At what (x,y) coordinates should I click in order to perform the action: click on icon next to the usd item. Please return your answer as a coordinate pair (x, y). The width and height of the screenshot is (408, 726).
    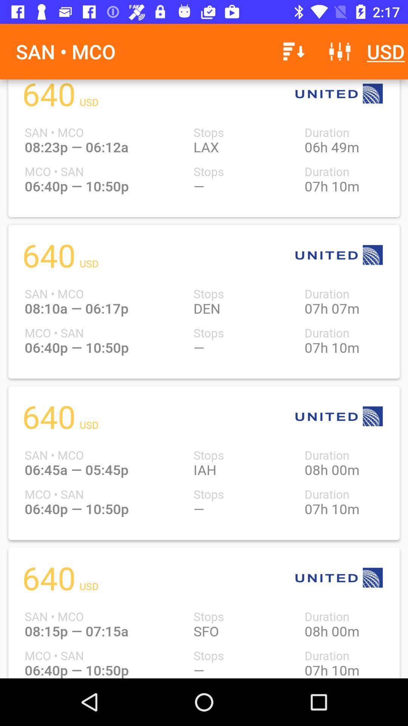
    Looking at the image, I should click on (339, 51).